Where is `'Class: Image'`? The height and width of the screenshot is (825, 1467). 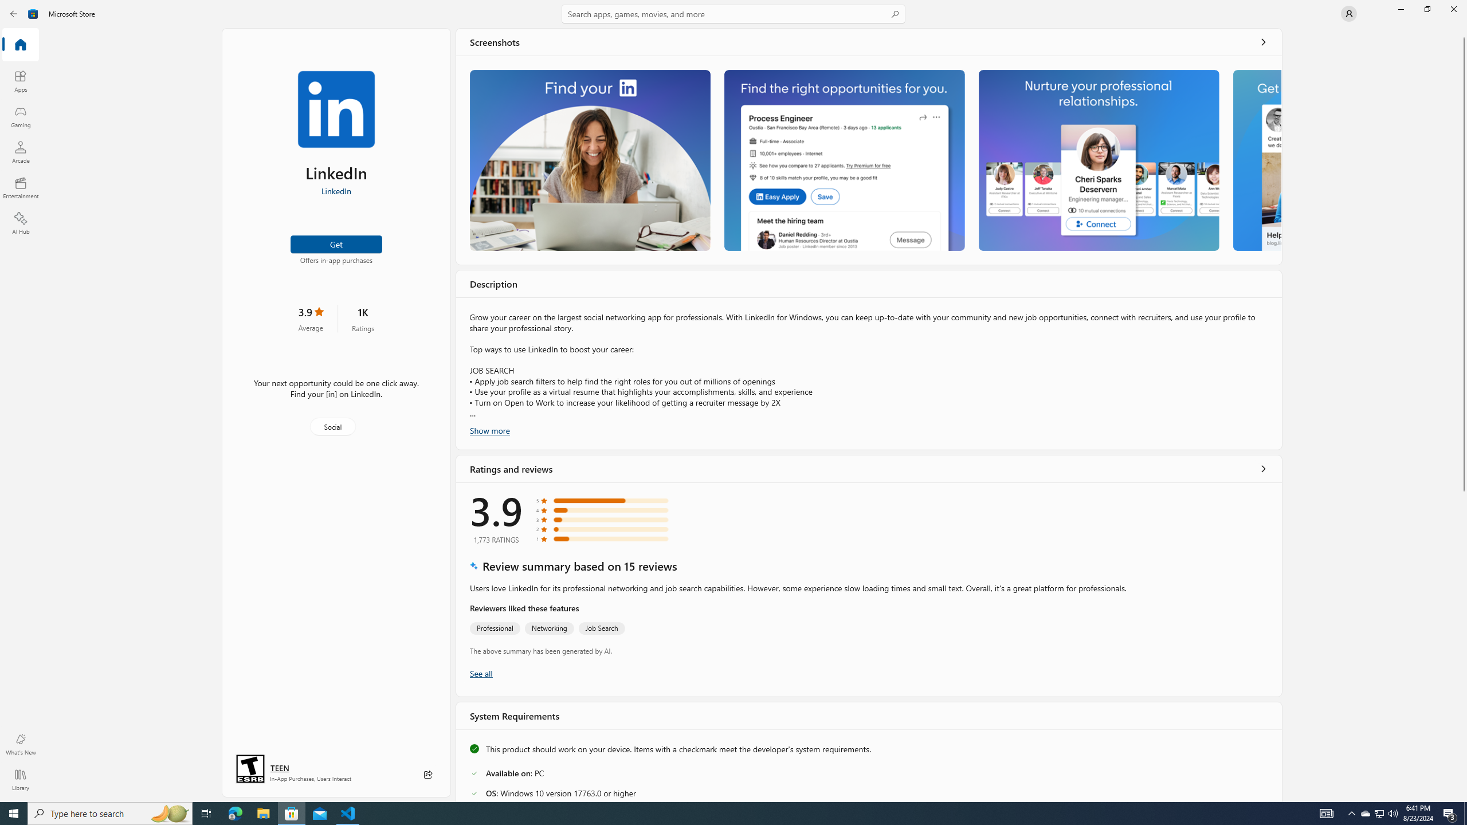
'Class: Image' is located at coordinates (33, 13).